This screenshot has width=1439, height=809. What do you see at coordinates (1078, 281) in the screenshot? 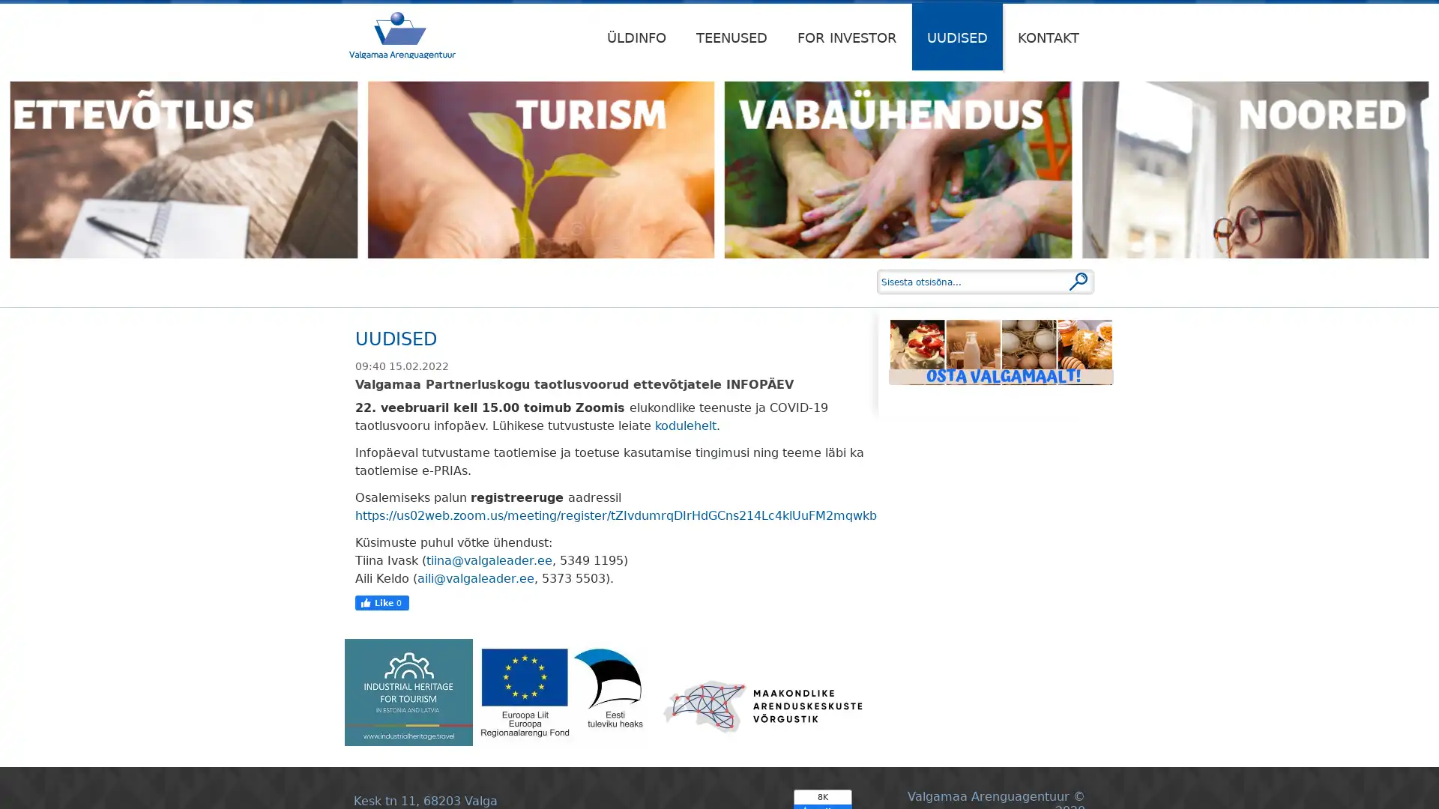
I see `Otsi` at bounding box center [1078, 281].